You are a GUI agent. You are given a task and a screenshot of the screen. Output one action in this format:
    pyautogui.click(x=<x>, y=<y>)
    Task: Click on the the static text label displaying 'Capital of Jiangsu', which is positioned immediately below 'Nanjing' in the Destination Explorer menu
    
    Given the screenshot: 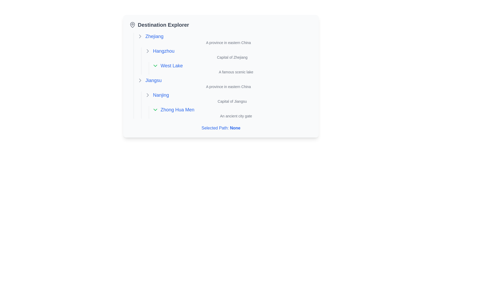 What is the action you would take?
    pyautogui.click(x=228, y=101)
    